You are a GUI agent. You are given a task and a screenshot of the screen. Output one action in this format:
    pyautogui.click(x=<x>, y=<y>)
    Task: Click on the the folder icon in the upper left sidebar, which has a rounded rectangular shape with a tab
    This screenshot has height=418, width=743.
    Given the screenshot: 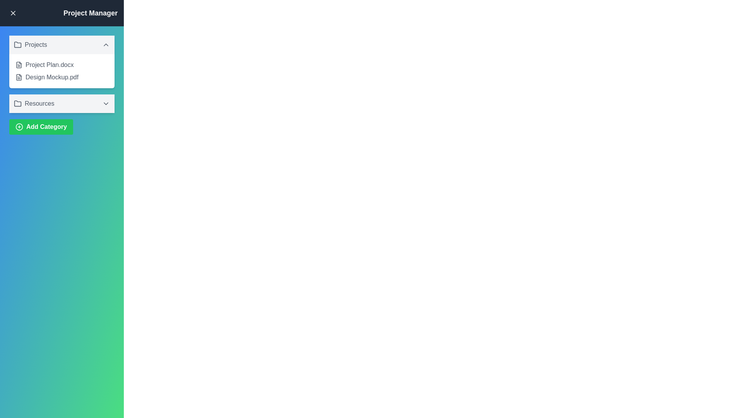 What is the action you would take?
    pyautogui.click(x=18, y=45)
    